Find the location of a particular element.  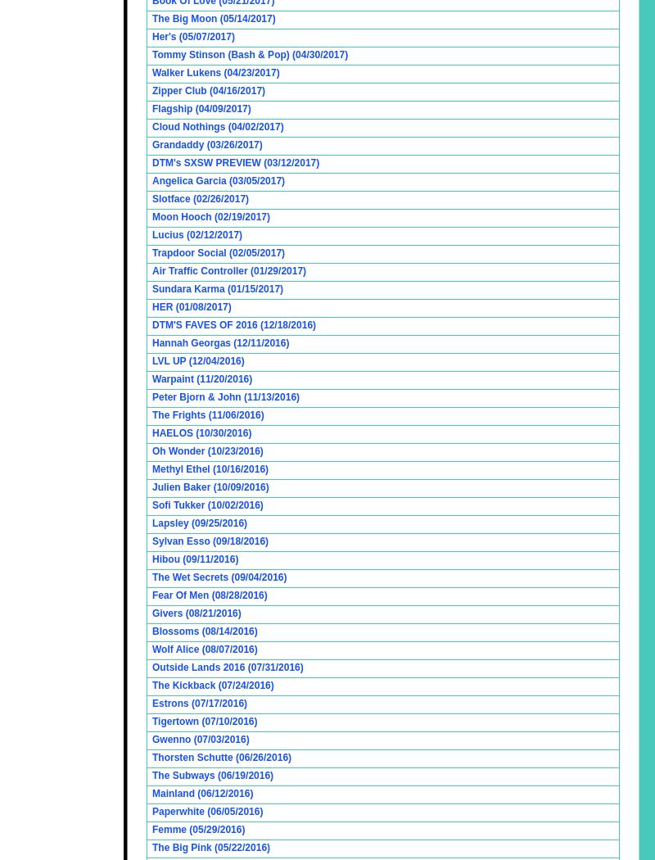

'Flagship (04/09/2017)' is located at coordinates (201, 108).